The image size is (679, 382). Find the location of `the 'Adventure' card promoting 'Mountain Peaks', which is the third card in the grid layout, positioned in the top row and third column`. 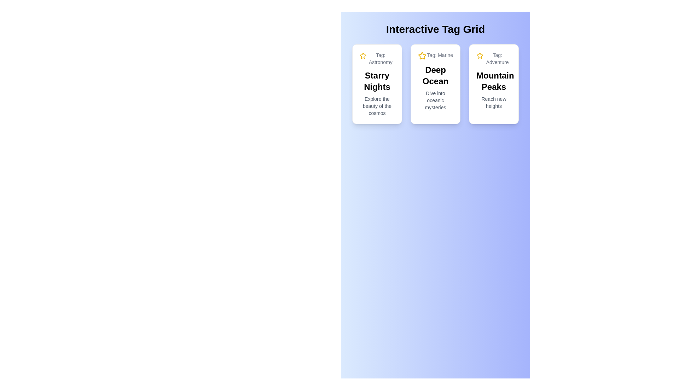

the 'Adventure' card promoting 'Mountain Peaks', which is the third card in the grid layout, positioned in the top row and third column is located at coordinates (493, 84).